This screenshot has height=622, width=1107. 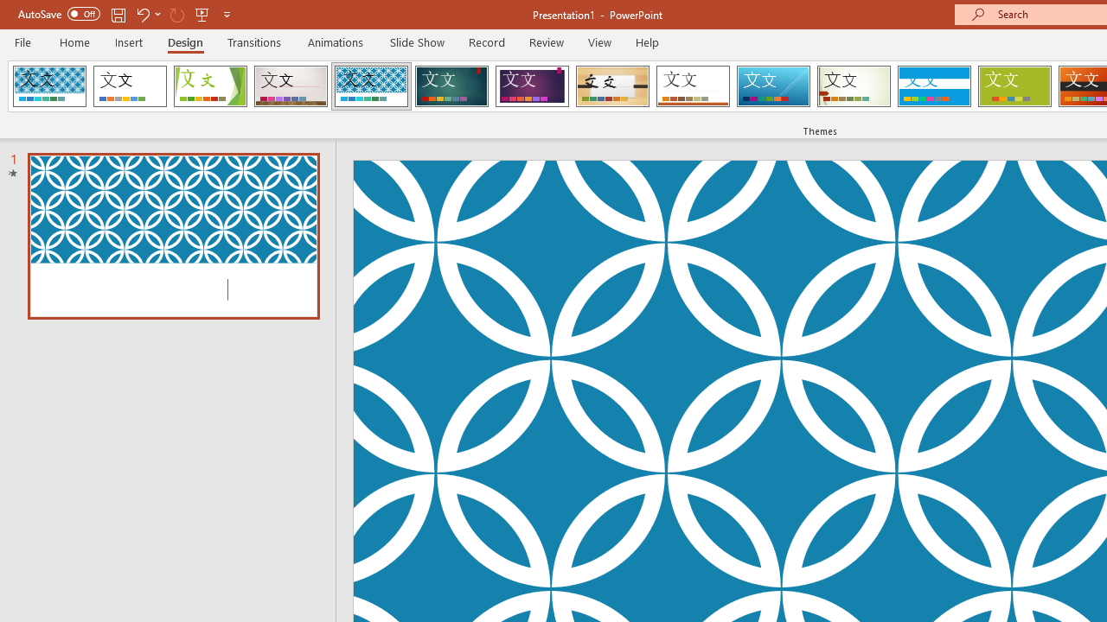 What do you see at coordinates (291, 86) in the screenshot?
I see `'Gallery Loading Preview...'` at bounding box center [291, 86].